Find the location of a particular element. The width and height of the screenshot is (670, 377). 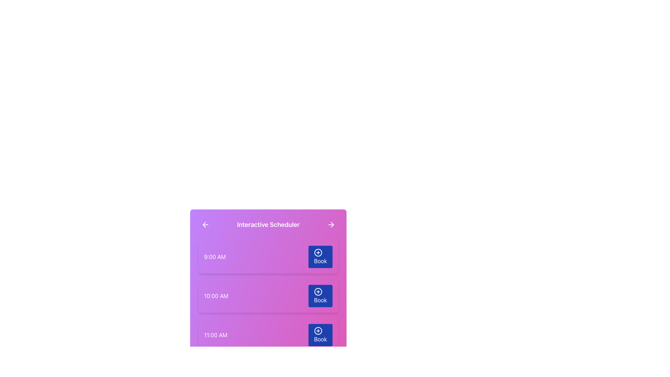

the text component displaying '11:00 AM' in white font on a pink background, which is located at the bottom of the 'Interactive Scheduler' panel is located at coordinates (215, 335).